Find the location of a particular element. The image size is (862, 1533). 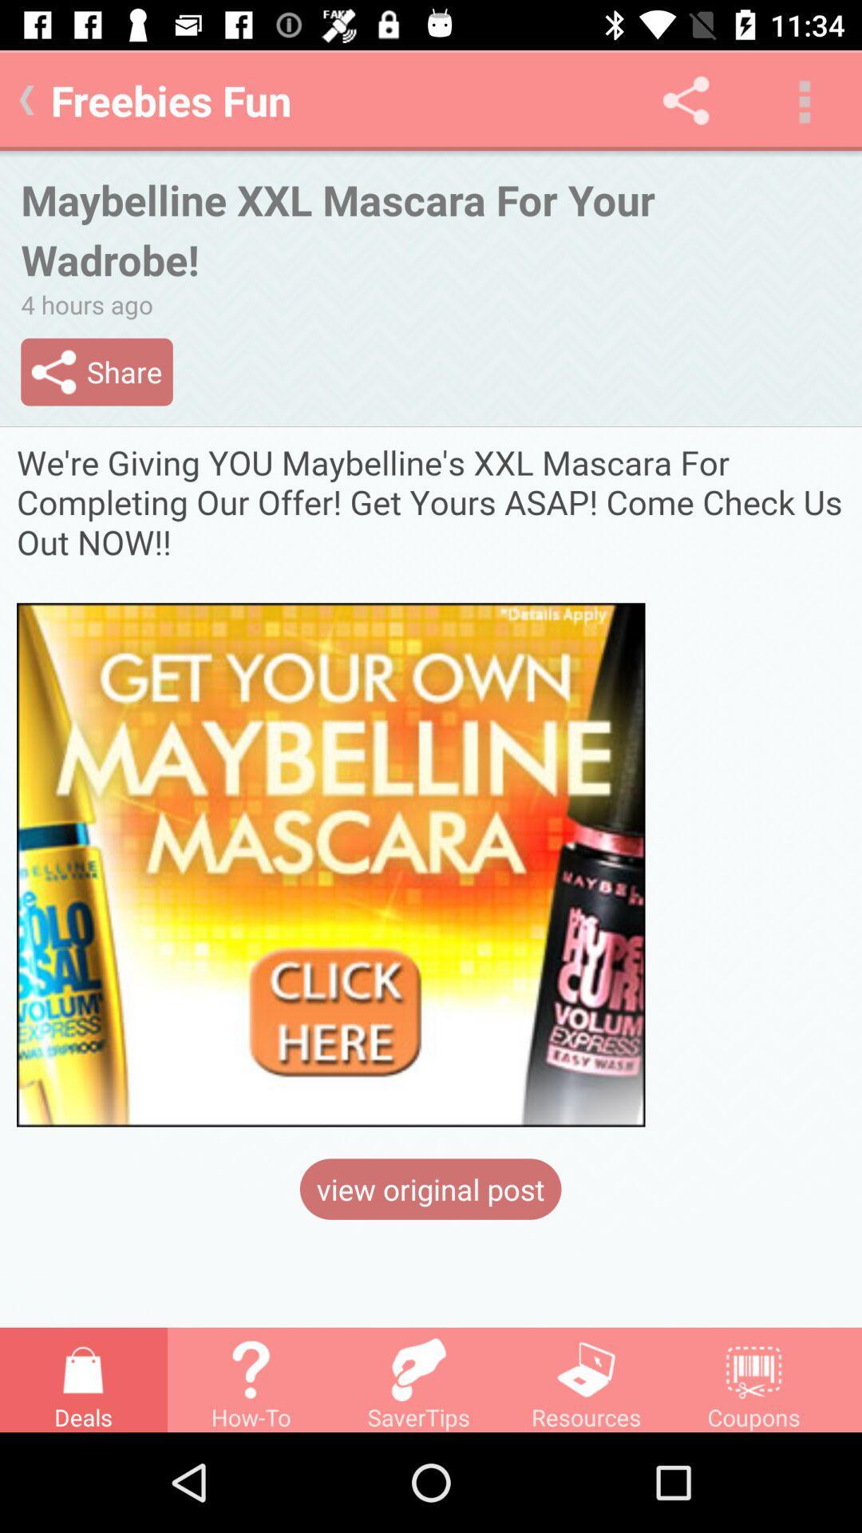

the share icon is located at coordinates (685, 99).